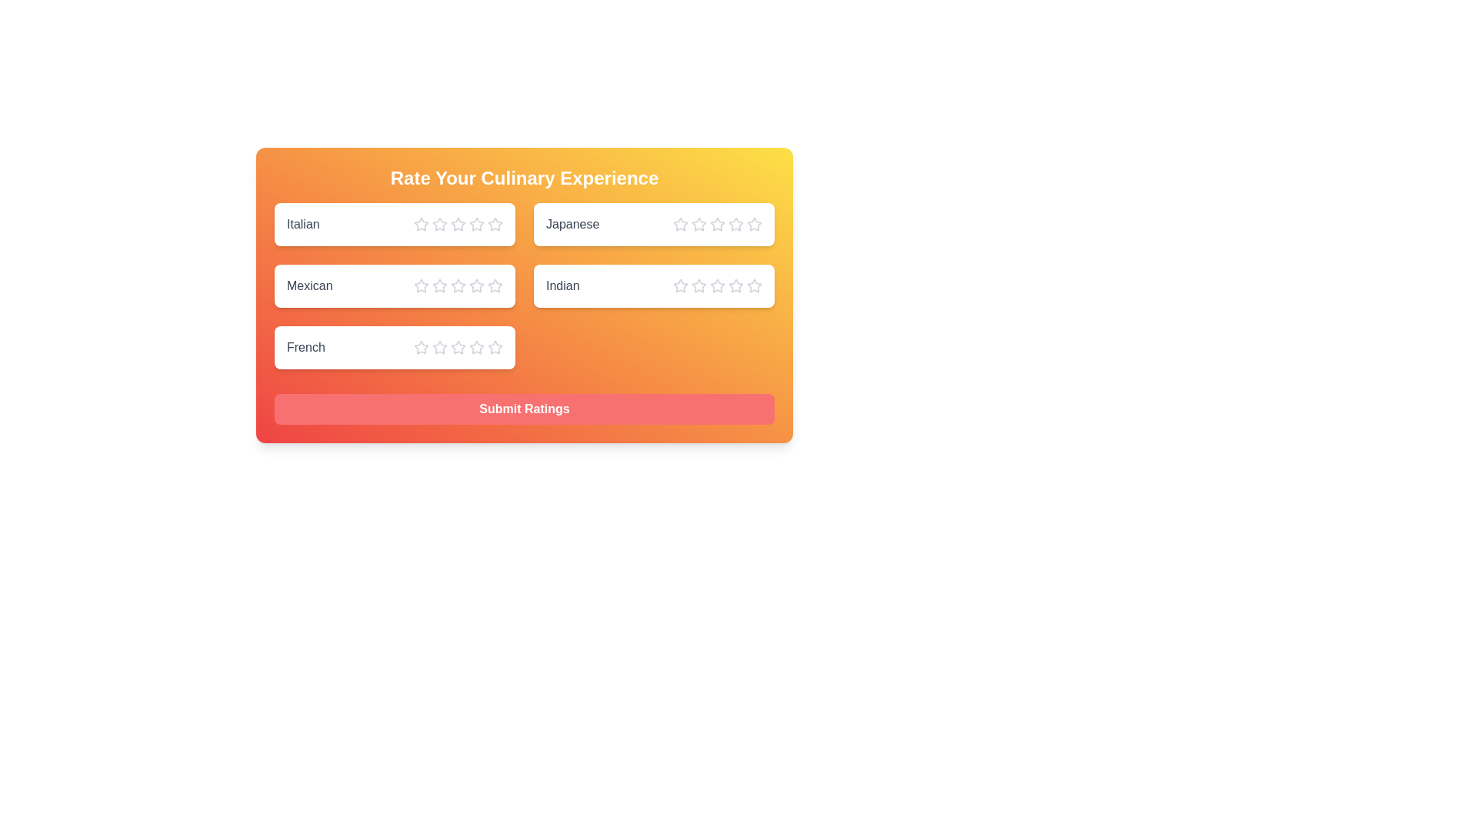 The height and width of the screenshot is (831, 1477). What do you see at coordinates (438, 347) in the screenshot?
I see `the star corresponding to the rating 2 for the cuisine French` at bounding box center [438, 347].